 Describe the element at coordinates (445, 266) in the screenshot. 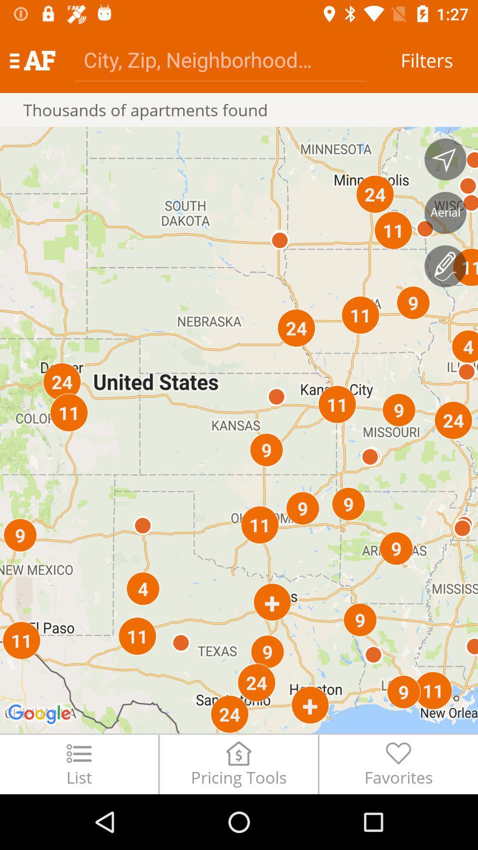

I see `weather report` at that location.